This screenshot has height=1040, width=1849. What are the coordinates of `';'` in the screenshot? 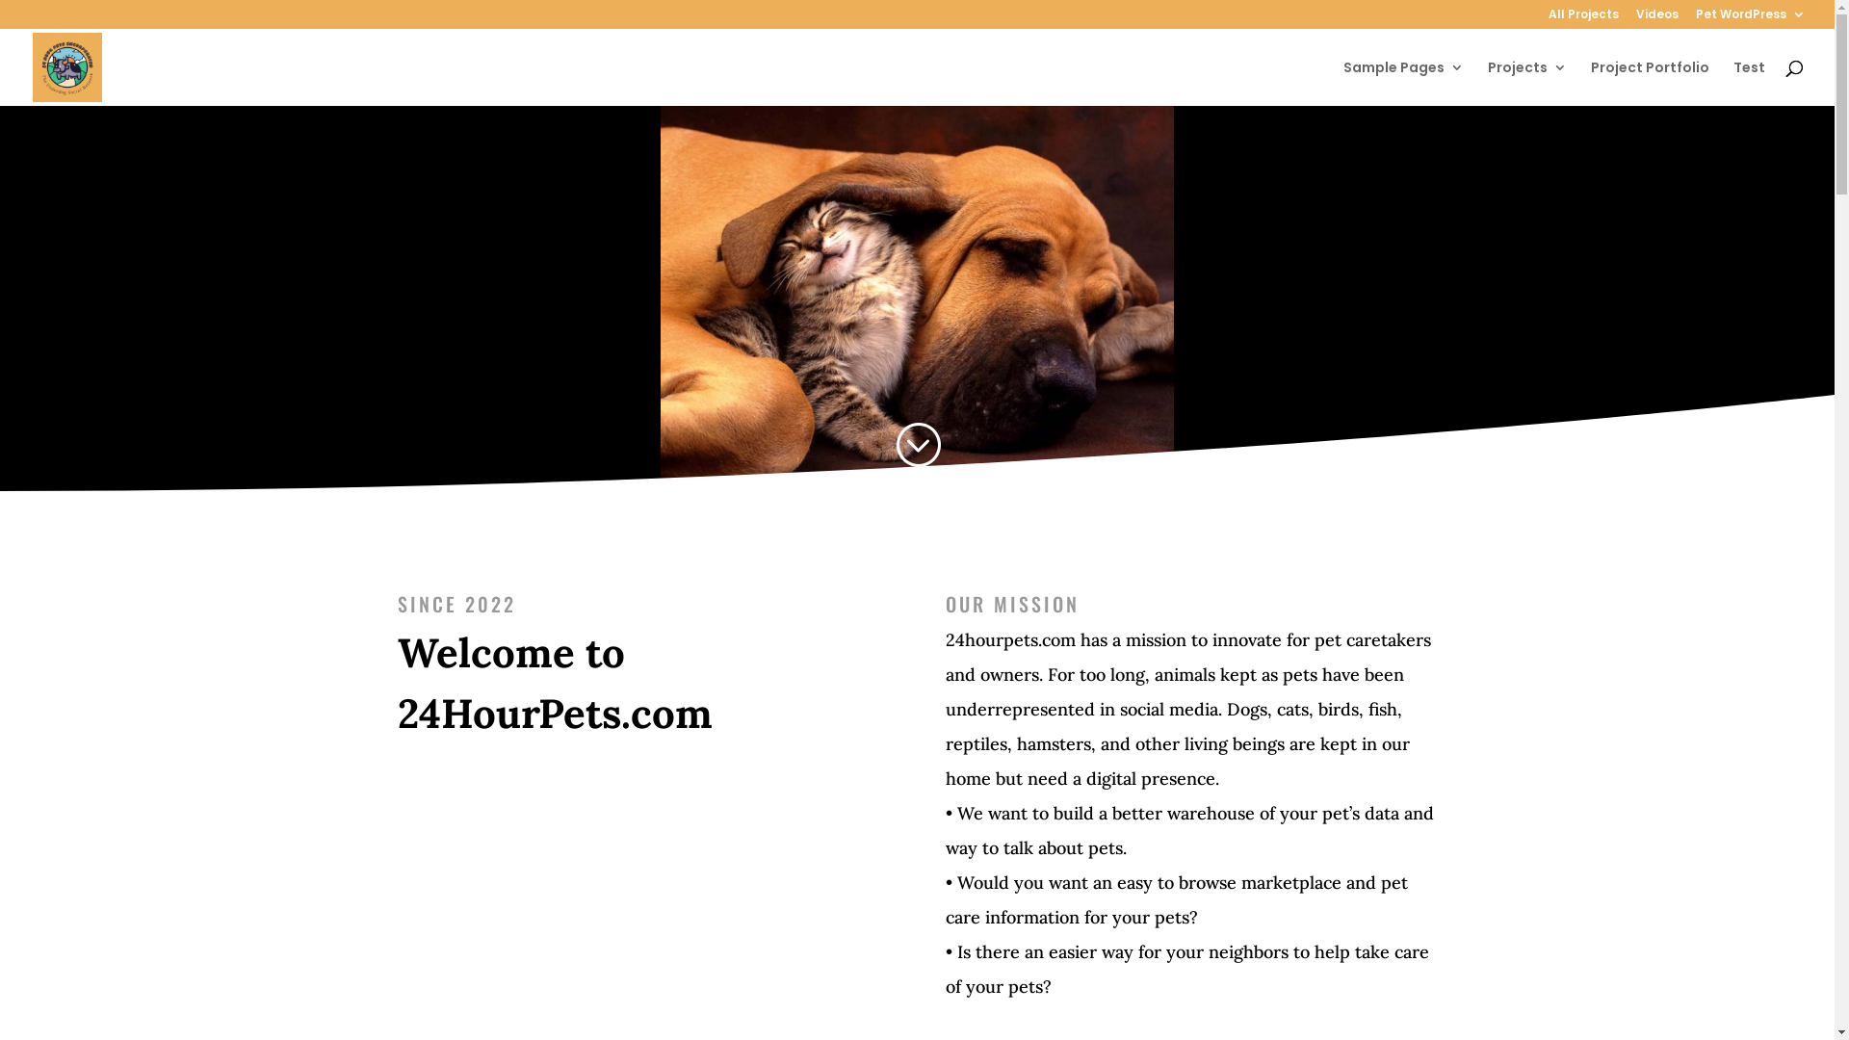 It's located at (916, 445).